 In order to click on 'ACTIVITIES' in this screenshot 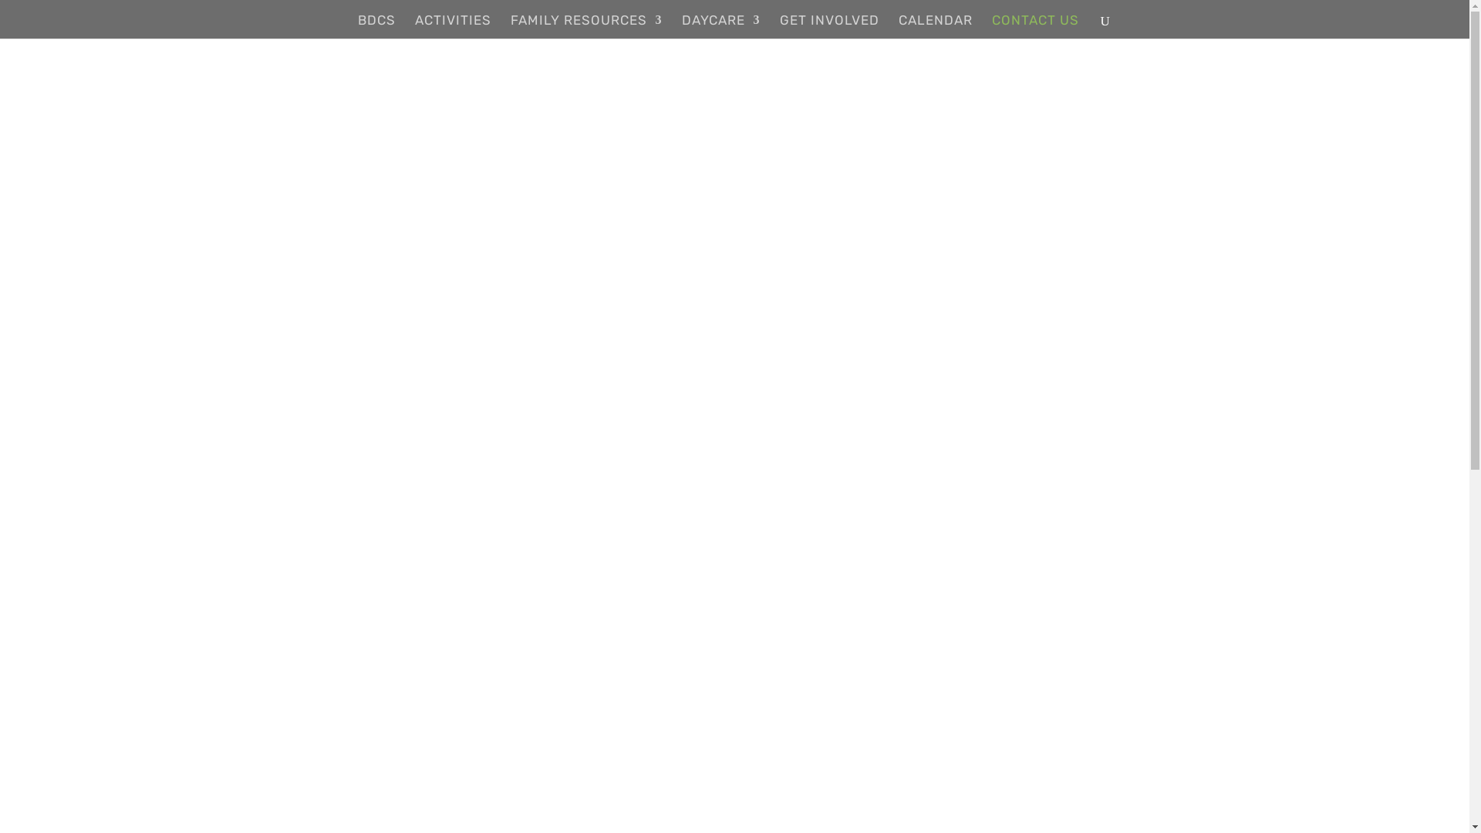, I will do `click(414, 26)`.